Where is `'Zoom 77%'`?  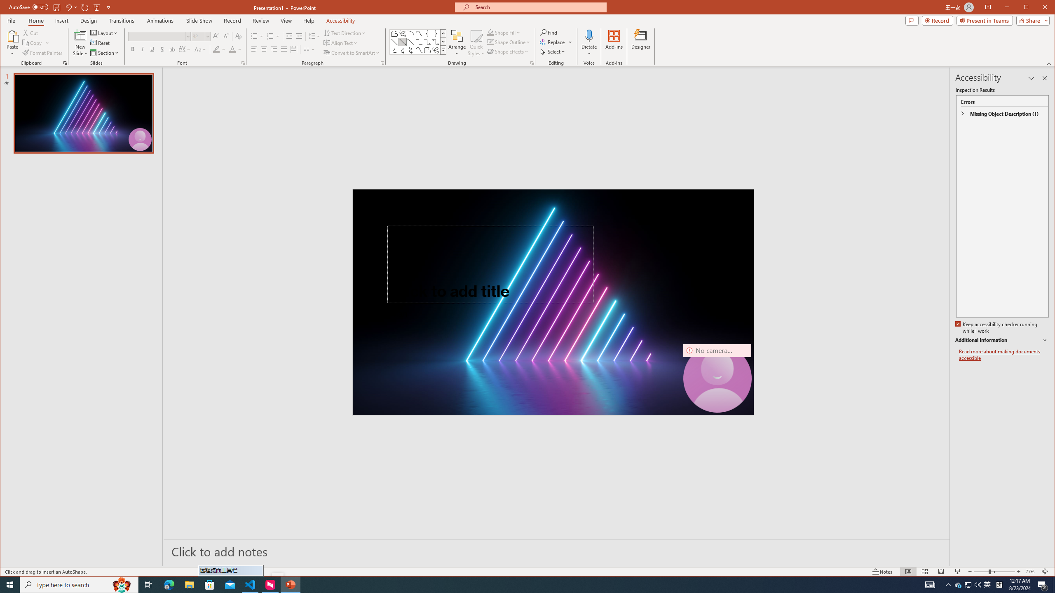
'Zoom 77%' is located at coordinates (1031, 571).